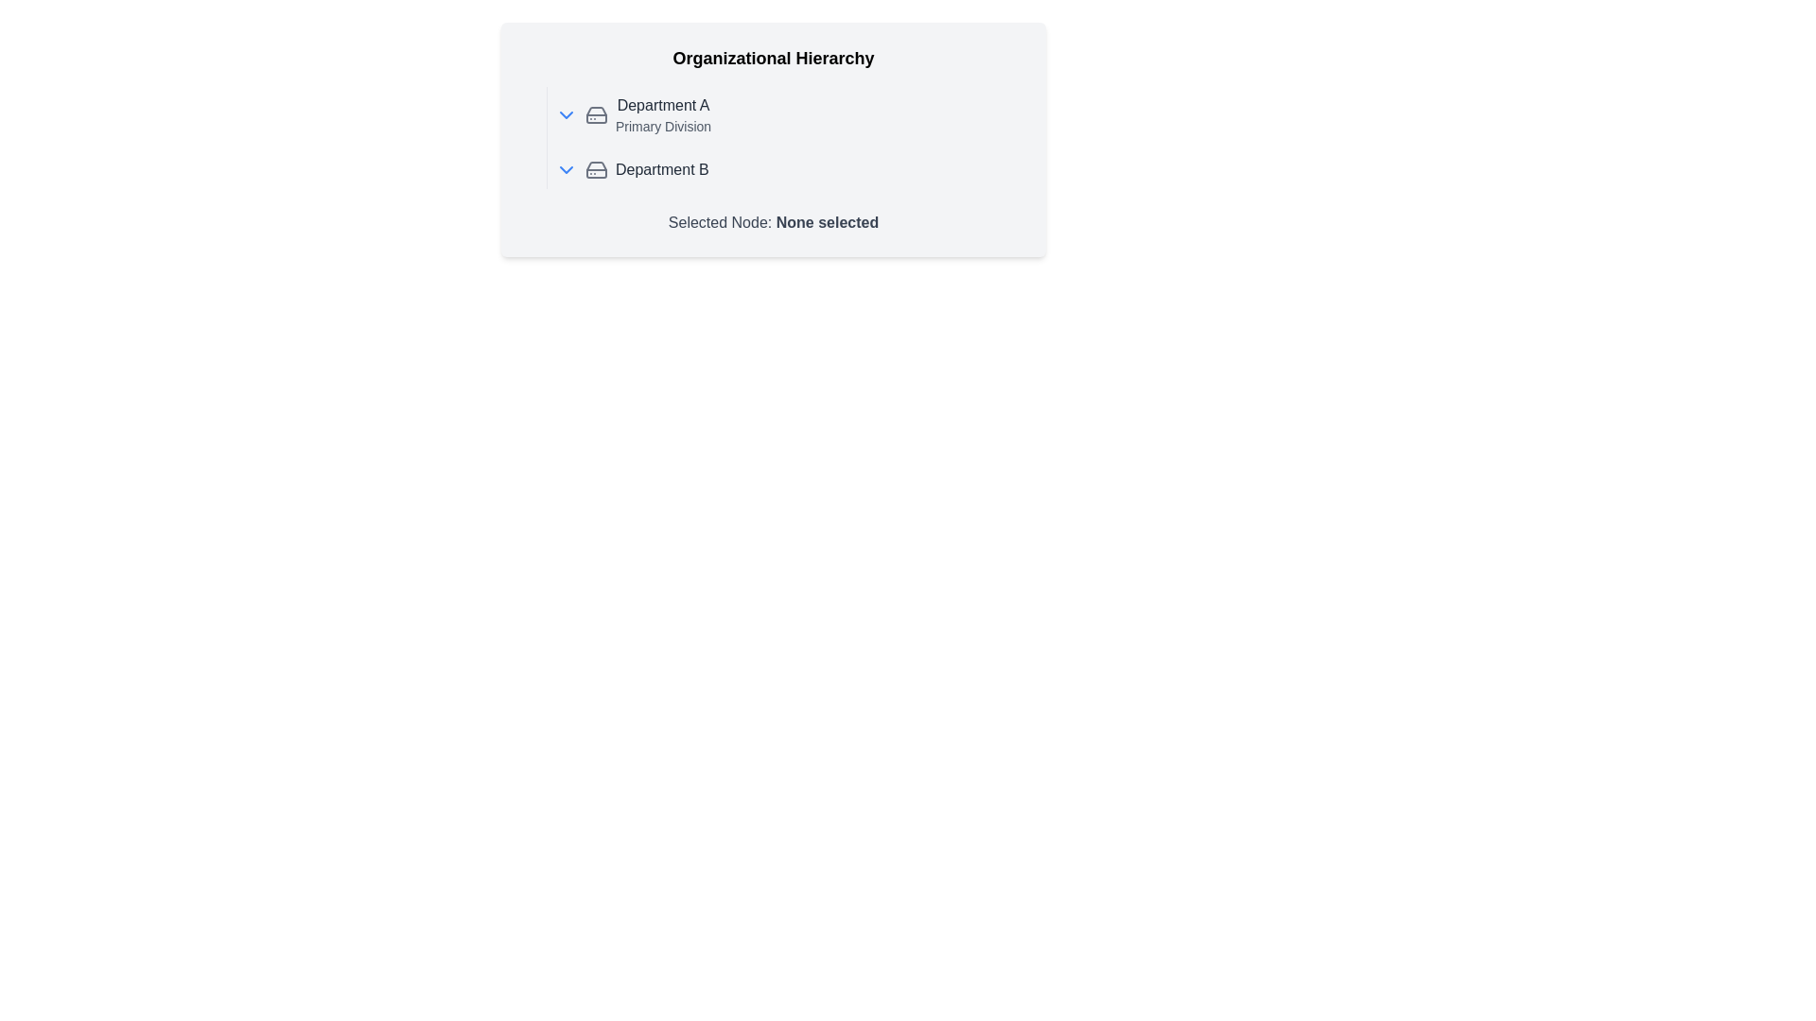  Describe the element at coordinates (663, 105) in the screenshot. I see `the text label displaying 'Department A', which is styled in gray and positioned above 'Primary Division' in the organizational hierarchy interface` at that location.